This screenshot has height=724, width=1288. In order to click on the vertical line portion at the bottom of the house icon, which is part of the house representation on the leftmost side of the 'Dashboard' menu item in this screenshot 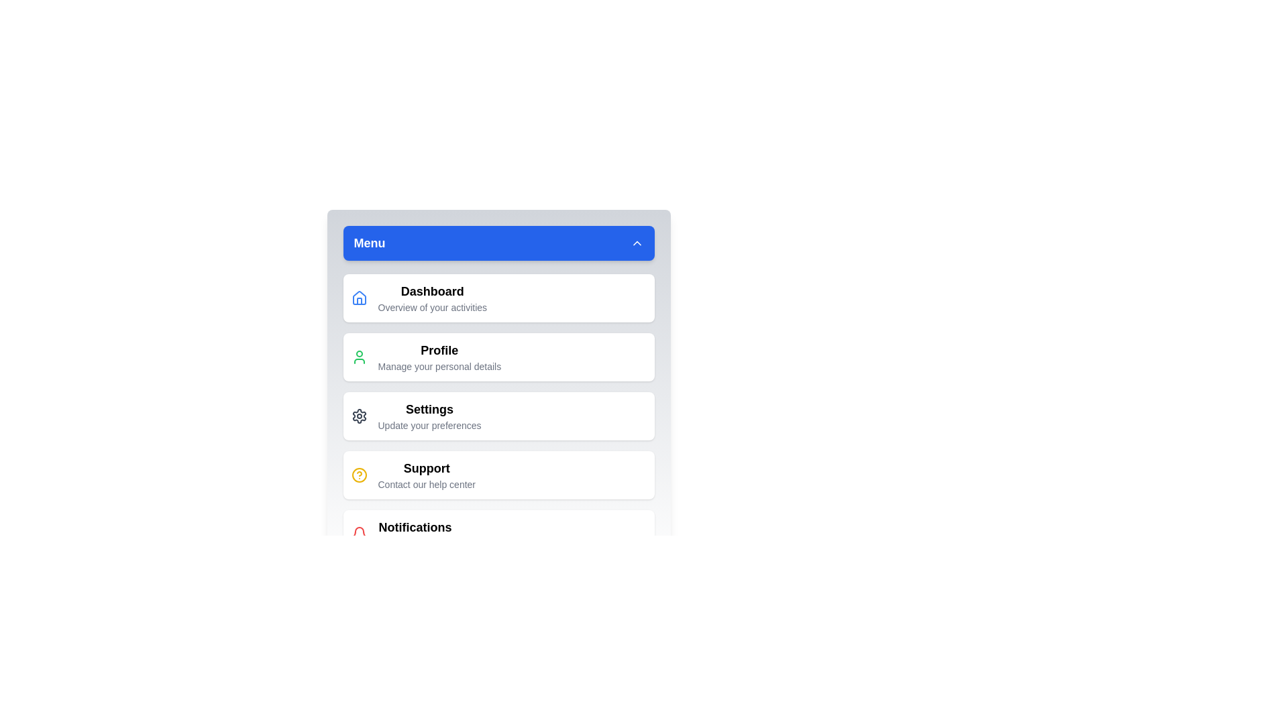, I will do `click(359, 300)`.